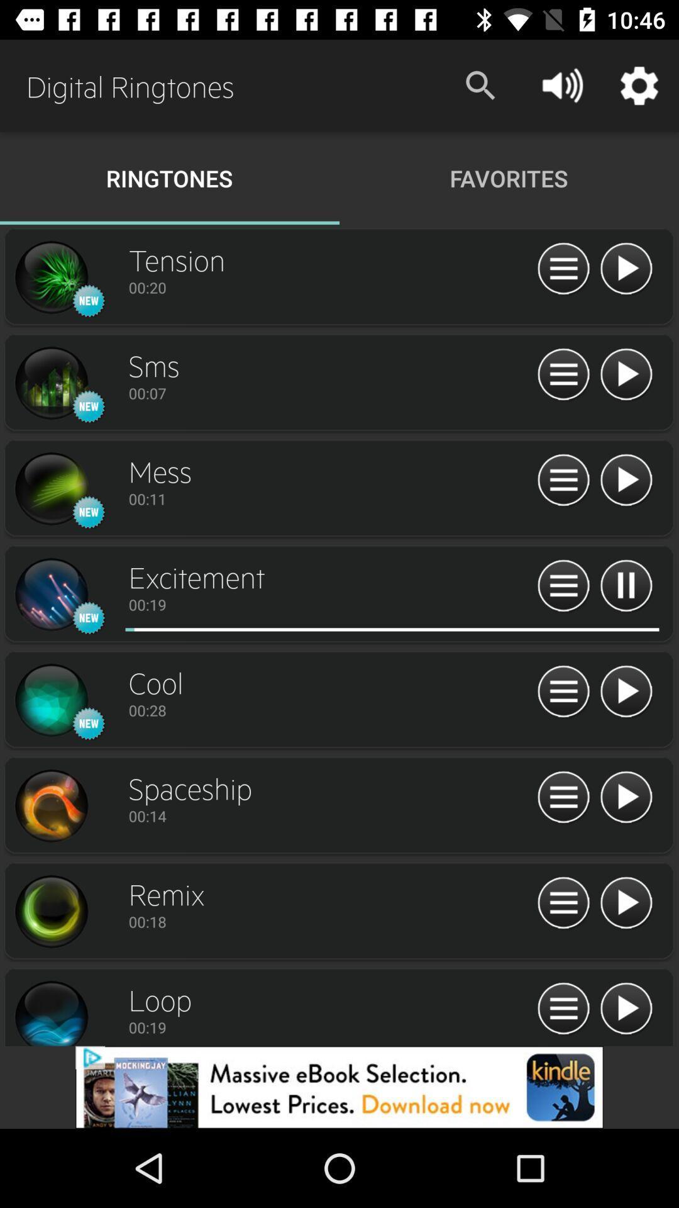  Describe the element at coordinates (50, 594) in the screenshot. I see `music search page` at that location.